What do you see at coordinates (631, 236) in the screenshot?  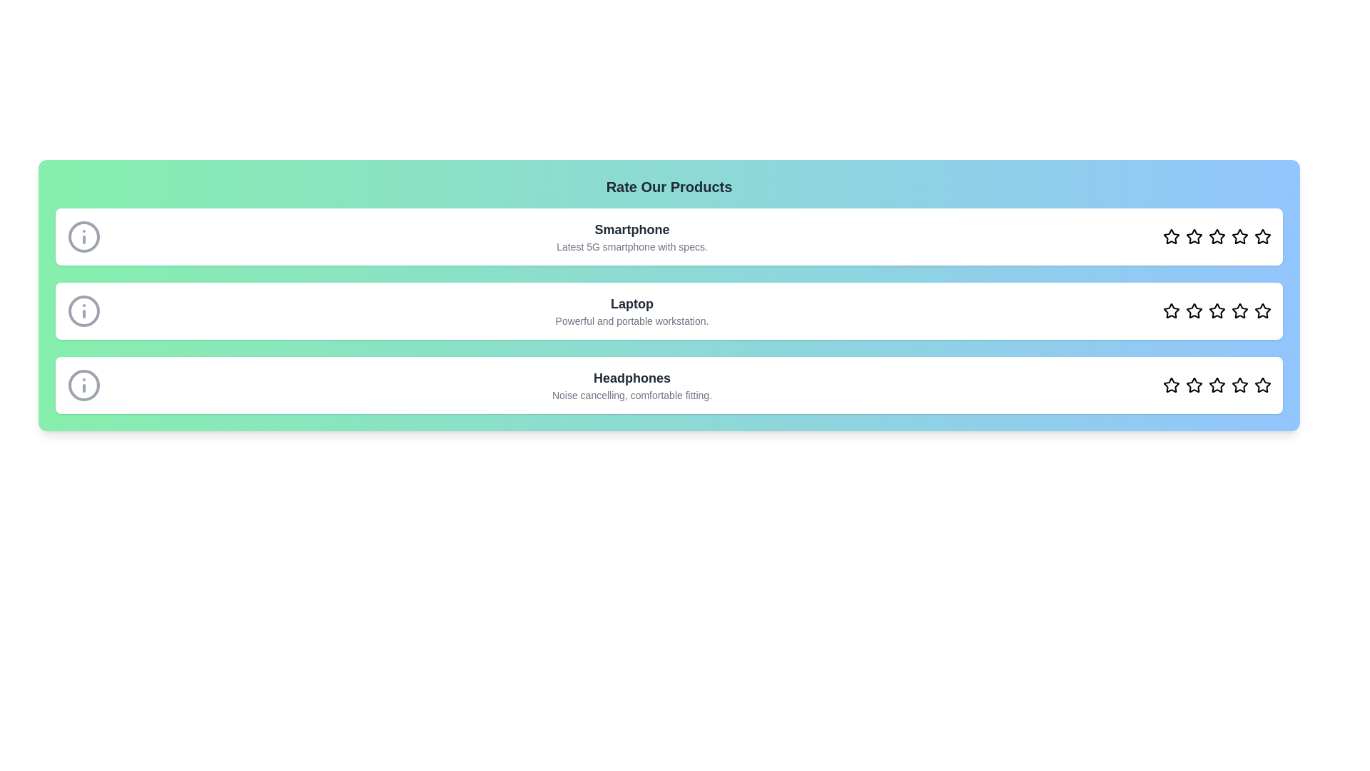 I see `product name 'Smartphone' and description 'Latest 5G smartphone with specs.' from the informational display box located below the header 'Rate Our Products'` at bounding box center [631, 236].